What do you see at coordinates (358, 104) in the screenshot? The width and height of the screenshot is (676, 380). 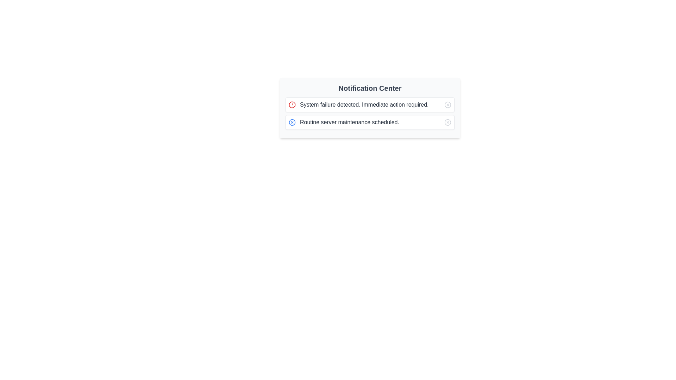 I see `the first notification message stating 'System failure detected. Immediate action required.' which is accompanied by an alert octagon icon, positioned centrally in the notification center` at bounding box center [358, 104].